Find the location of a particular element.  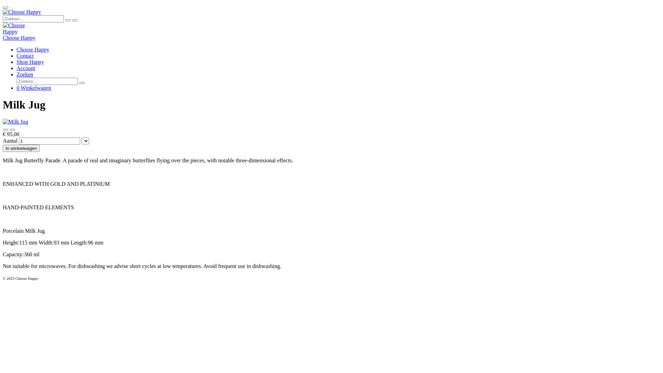

'ENHANCED WITH GOLD AND PLATINIUM' is located at coordinates (56, 183).